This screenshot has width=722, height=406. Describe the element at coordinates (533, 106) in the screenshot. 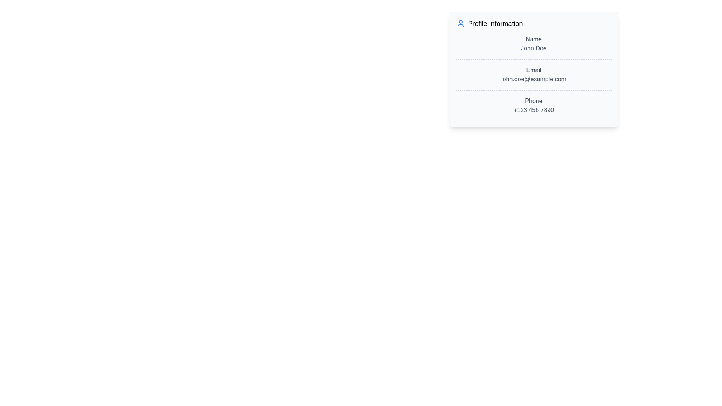

I see `the phone number displayed in the 'Profile Information' section, specifically the last entry below 'Name' and 'Email'` at that location.